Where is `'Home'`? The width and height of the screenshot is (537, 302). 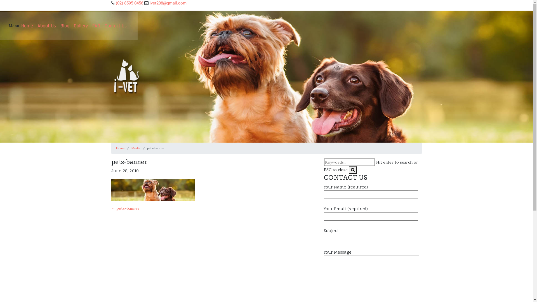 'Home' is located at coordinates (115, 148).